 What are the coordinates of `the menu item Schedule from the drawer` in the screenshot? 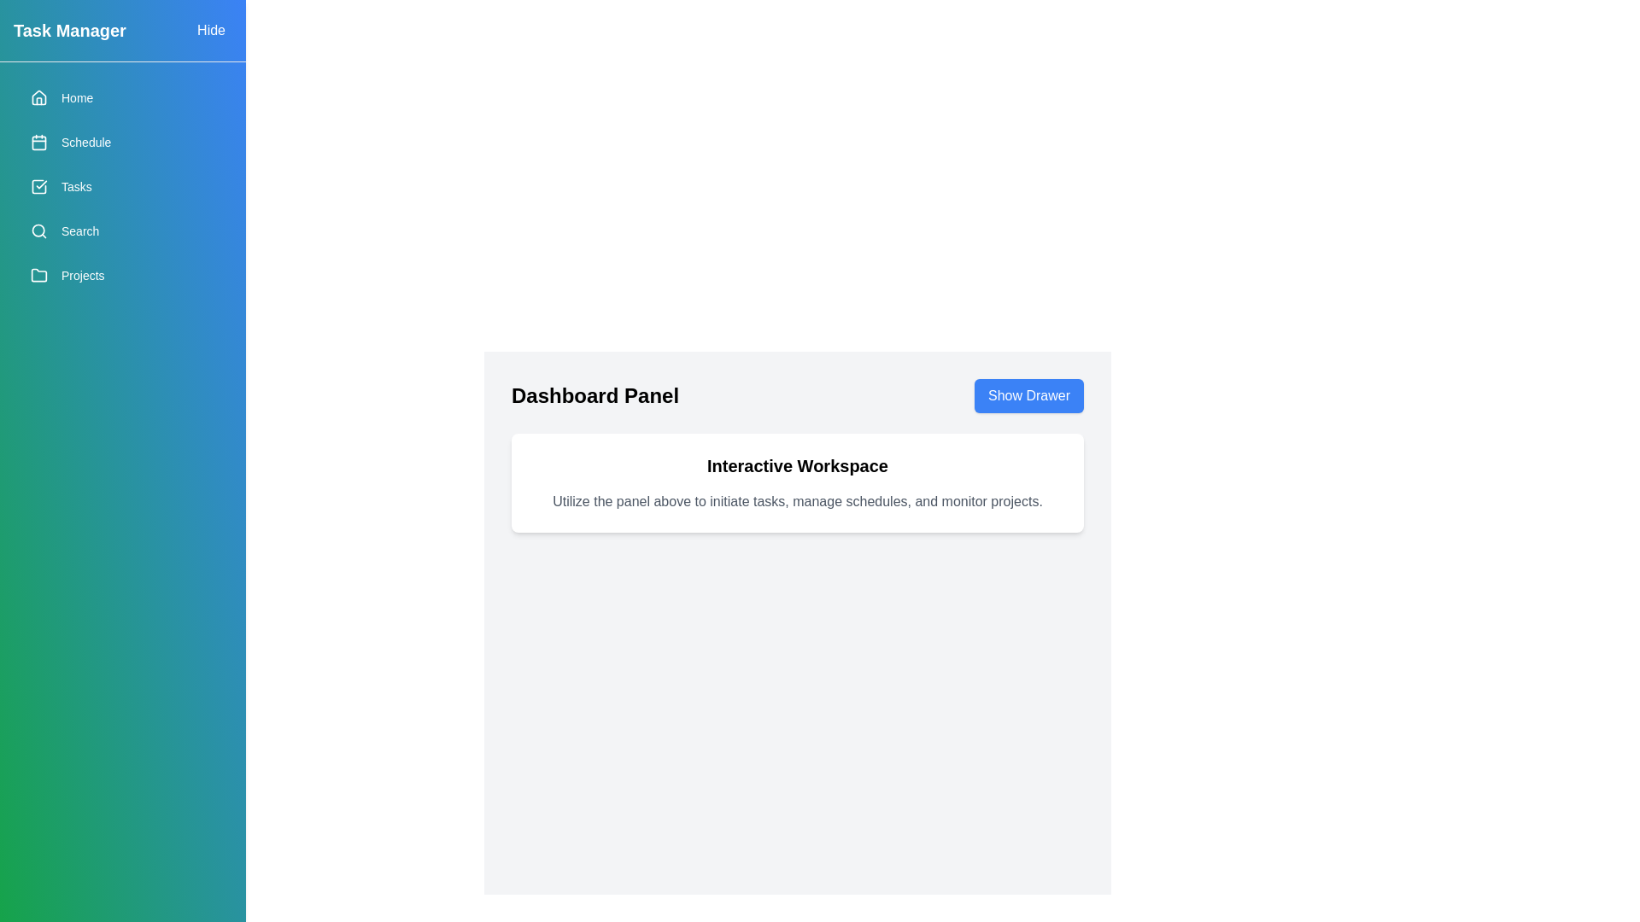 It's located at (122, 141).